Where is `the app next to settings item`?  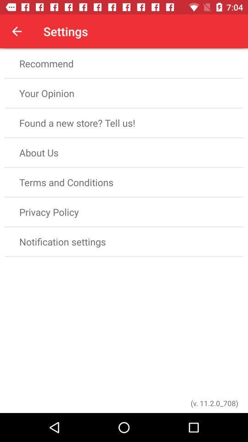
the app next to settings item is located at coordinates (17, 31).